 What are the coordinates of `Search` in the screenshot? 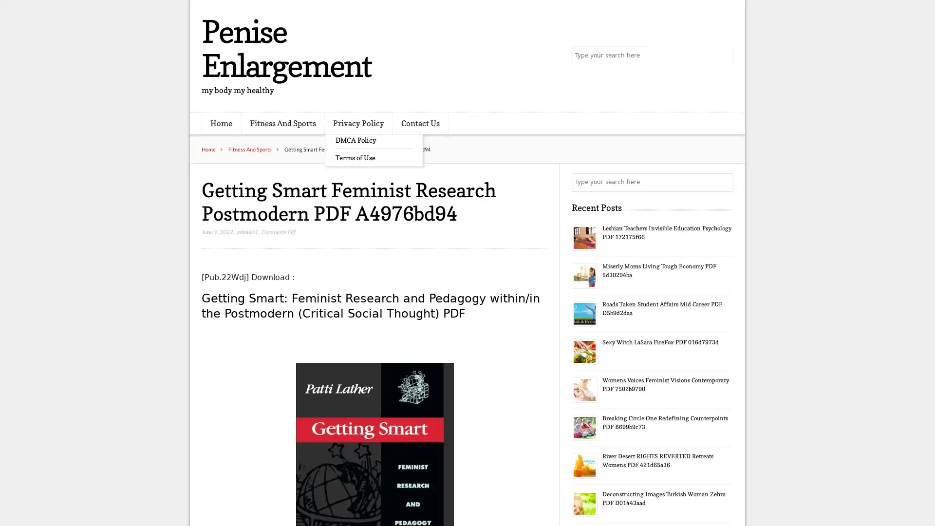 It's located at (723, 182).